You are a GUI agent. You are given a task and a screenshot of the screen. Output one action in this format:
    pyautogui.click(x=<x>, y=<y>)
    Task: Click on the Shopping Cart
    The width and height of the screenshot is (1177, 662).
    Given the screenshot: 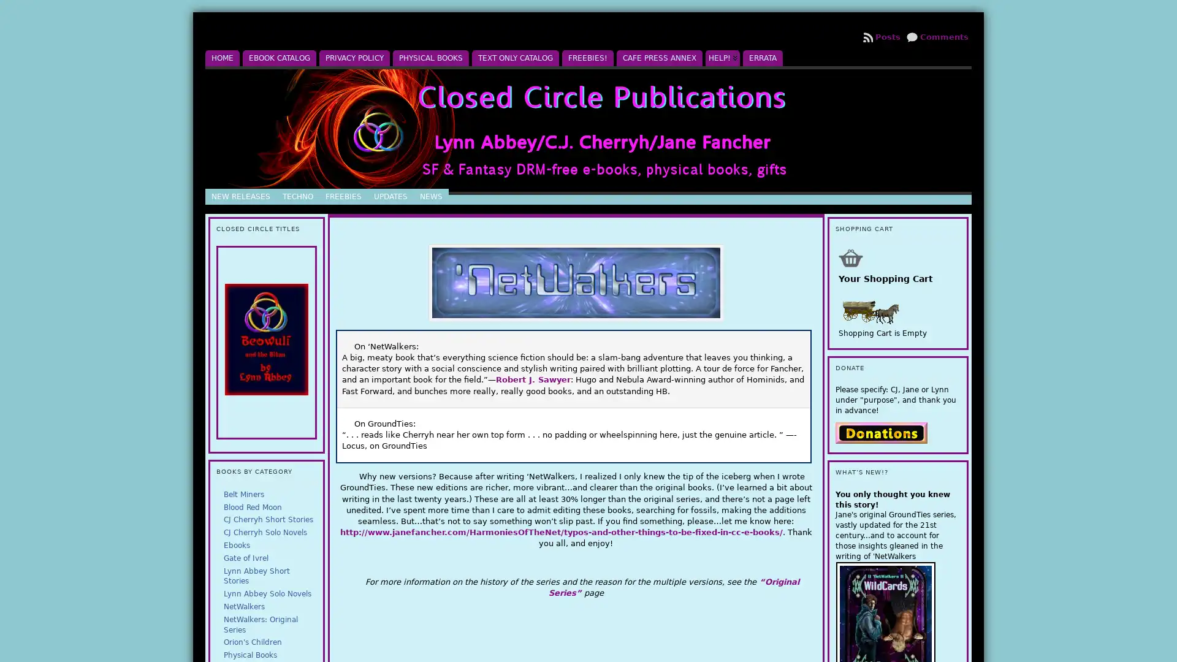 What is the action you would take?
    pyautogui.click(x=850, y=257)
    